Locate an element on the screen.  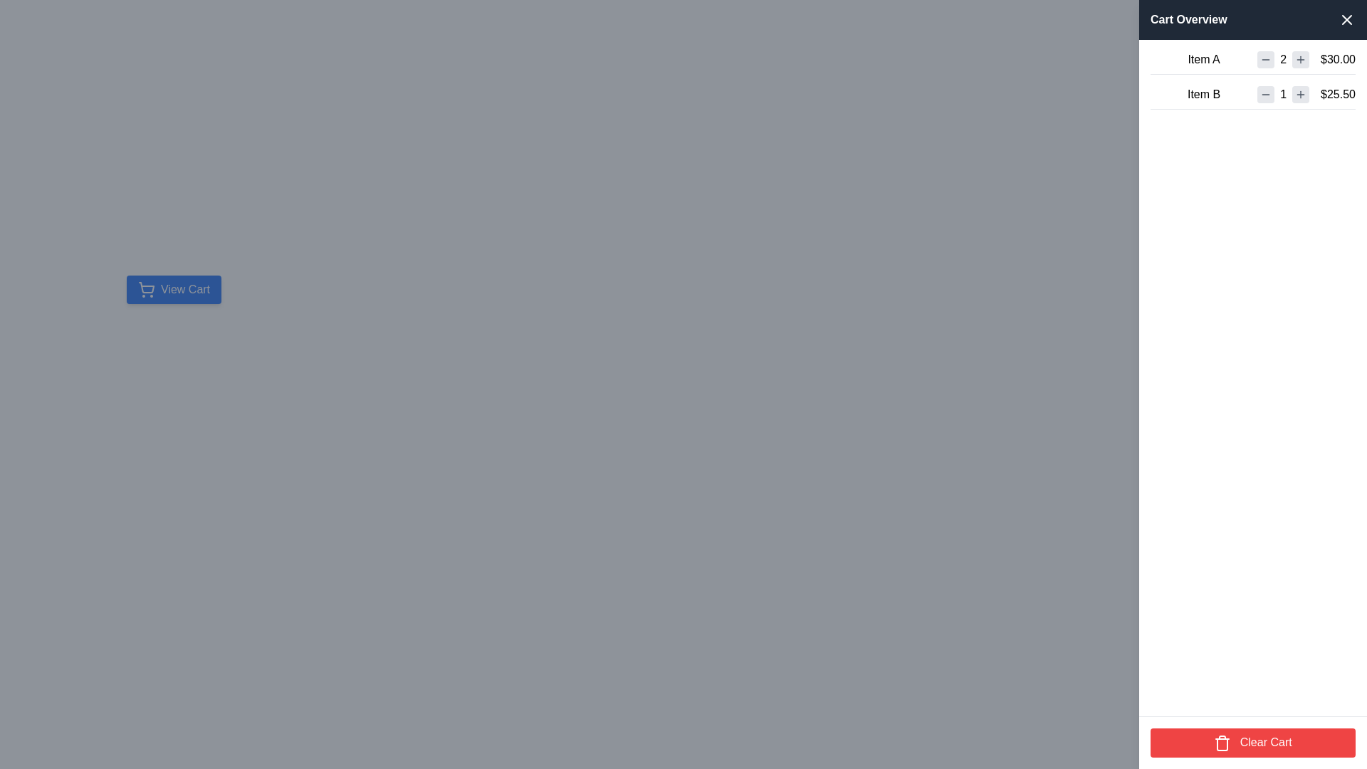
the price and product name in the second row of the cart item details list, which displays product details including name, quantity, and price is located at coordinates (1253, 97).